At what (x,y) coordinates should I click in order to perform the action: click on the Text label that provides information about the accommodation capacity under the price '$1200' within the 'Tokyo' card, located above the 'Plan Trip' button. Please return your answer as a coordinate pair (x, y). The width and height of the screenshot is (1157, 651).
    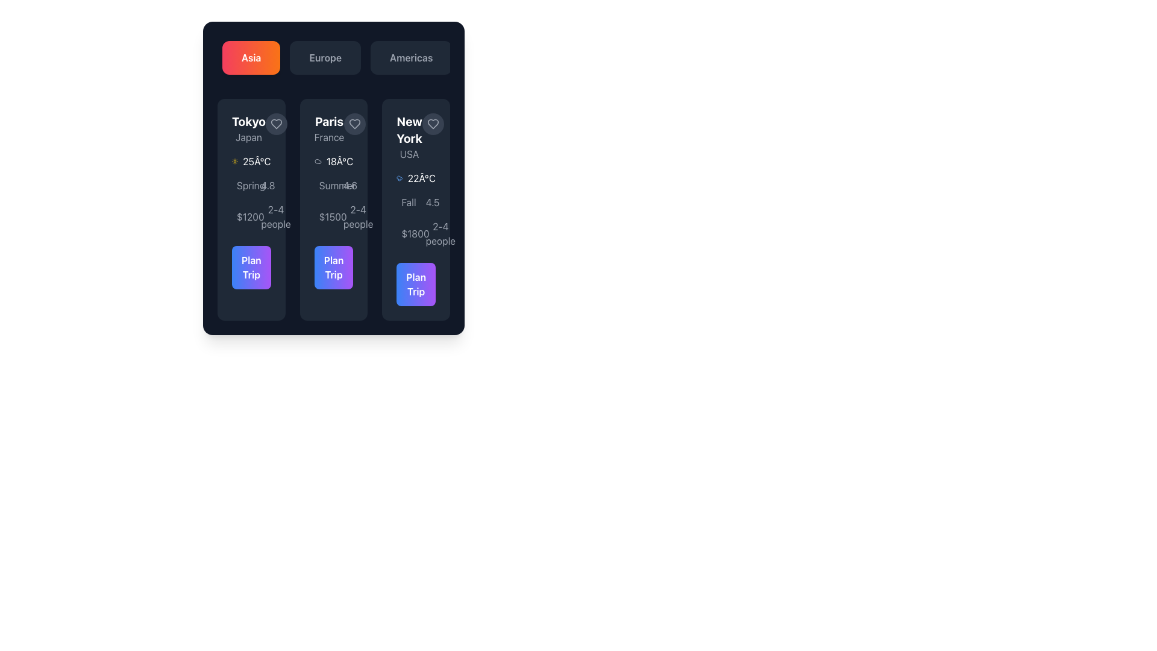
    Looking at the image, I should click on (263, 216).